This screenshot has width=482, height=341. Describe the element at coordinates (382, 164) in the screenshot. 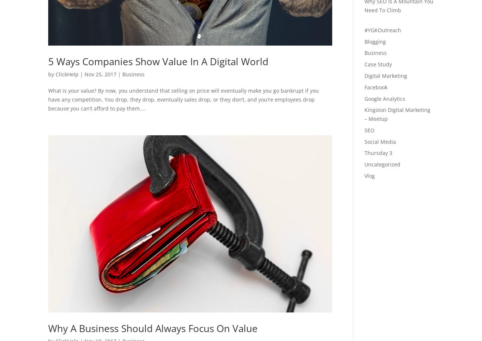

I see `'Uncategorized'` at that location.